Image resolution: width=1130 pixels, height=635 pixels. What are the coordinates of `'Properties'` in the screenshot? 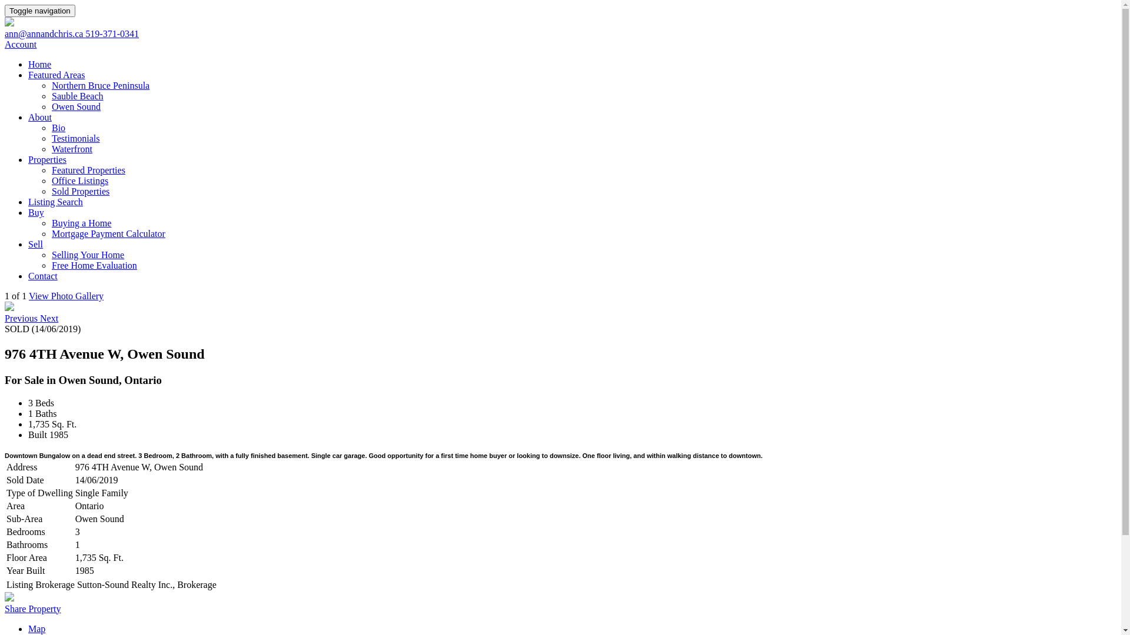 It's located at (47, 159).